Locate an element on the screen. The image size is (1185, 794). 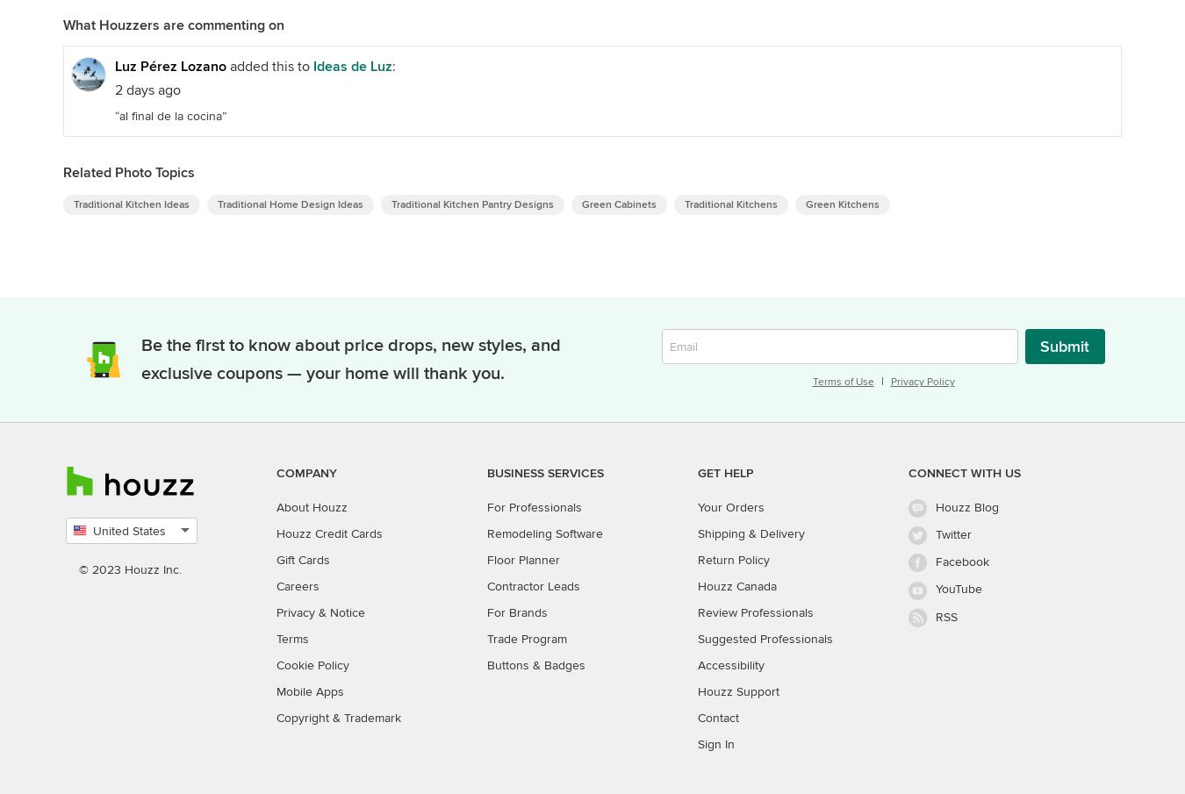
'Green Kitchens' is located at coordinates (841, 204).